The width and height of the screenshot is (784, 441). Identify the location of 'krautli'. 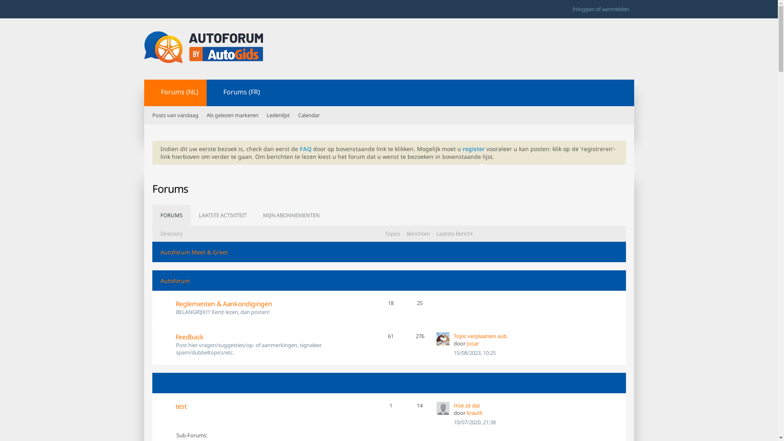
(442, 408).